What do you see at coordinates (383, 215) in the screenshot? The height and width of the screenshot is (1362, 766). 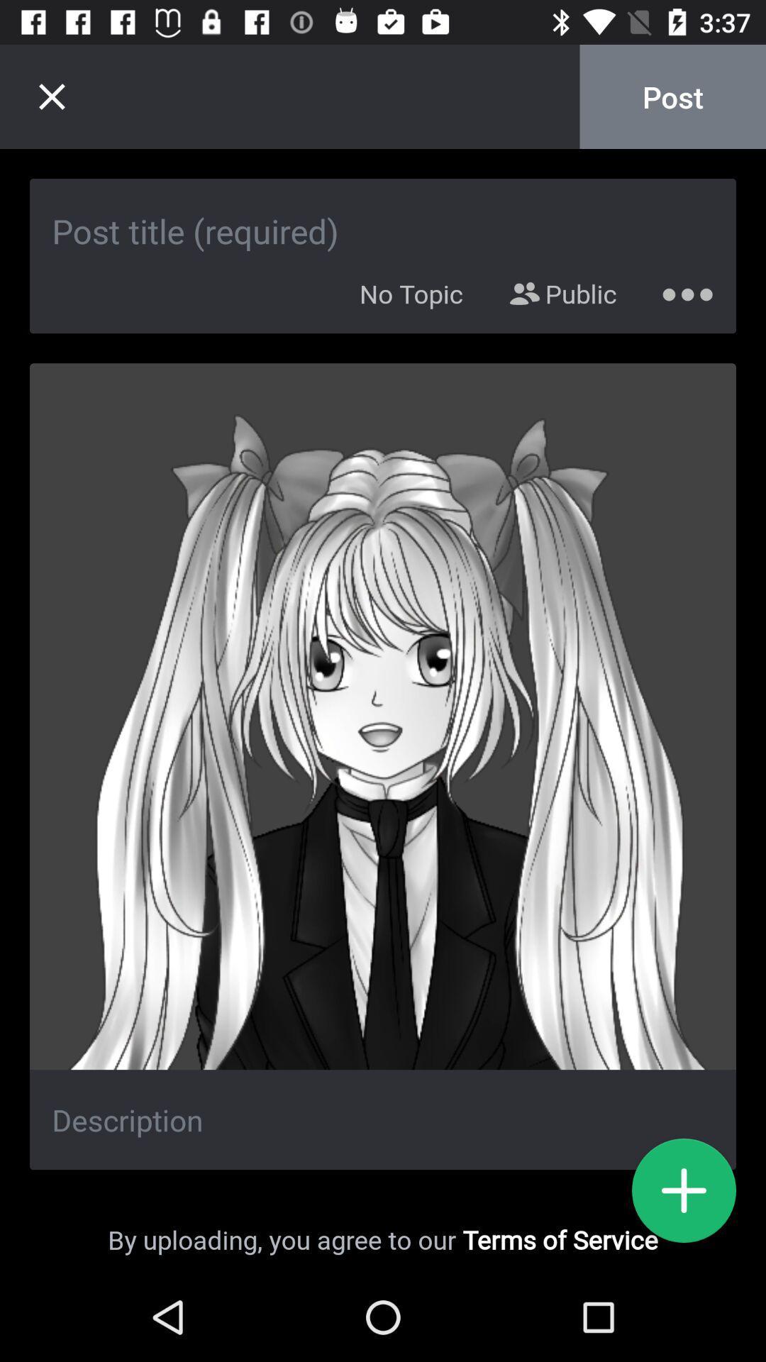 I see `blank for writting title` at bounding box center [383, 215].